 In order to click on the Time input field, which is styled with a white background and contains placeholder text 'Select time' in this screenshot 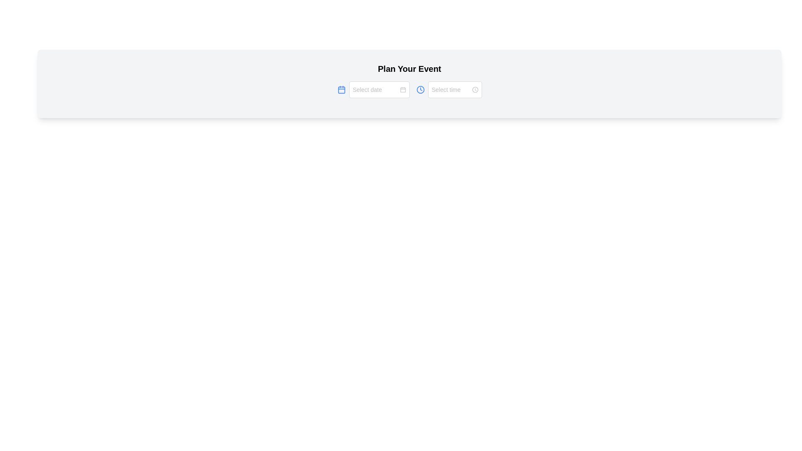, I will do `click(454, 90)`.